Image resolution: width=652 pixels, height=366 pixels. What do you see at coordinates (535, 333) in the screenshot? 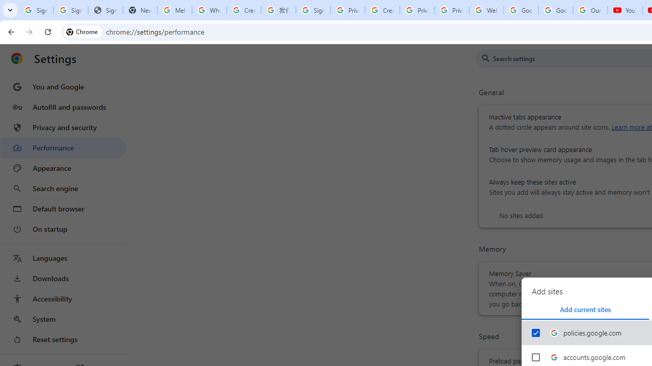
I see `'policies.google.com'` at bounding box center [535, 333].